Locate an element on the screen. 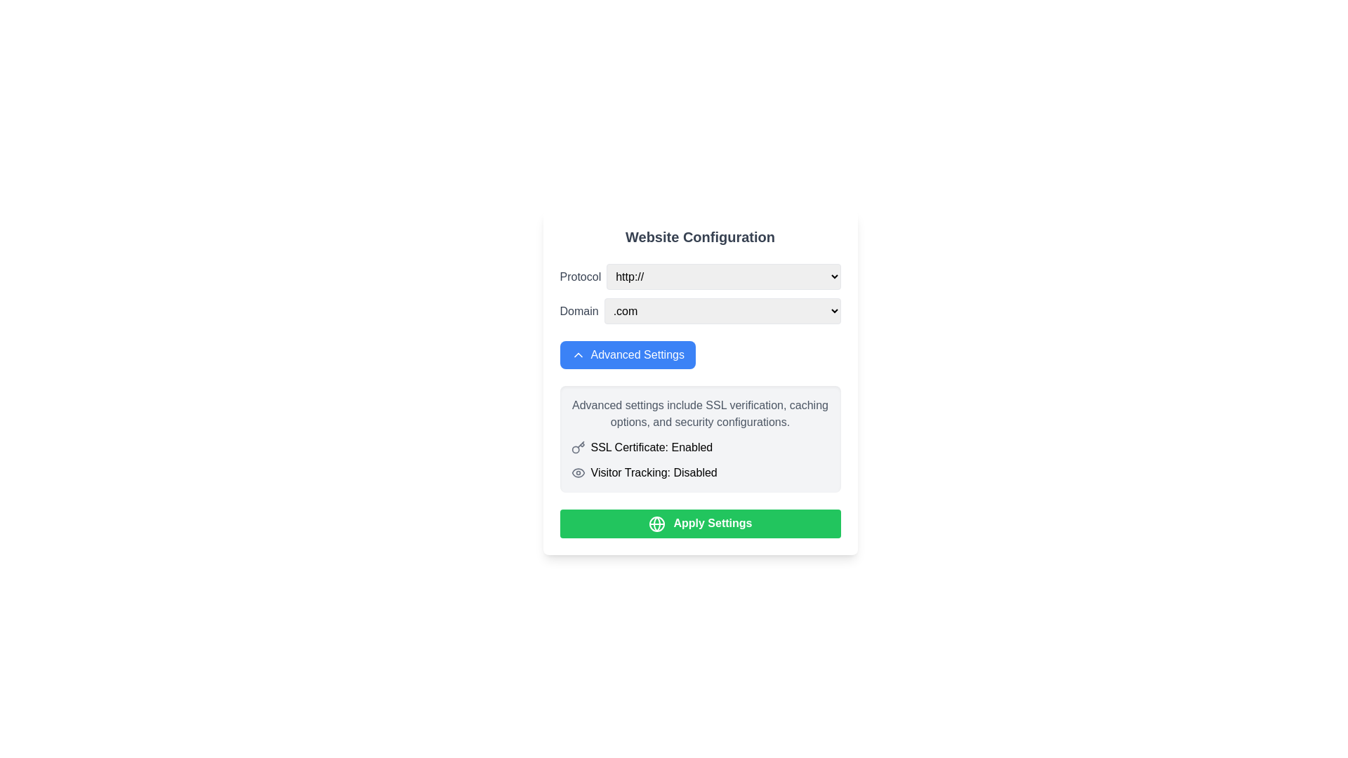  text content of the informational label displaying 'SSL Certificate: Enabled', which is adjacent to a key-shaped icon and styled in black color is located at coordinates (651, 447).